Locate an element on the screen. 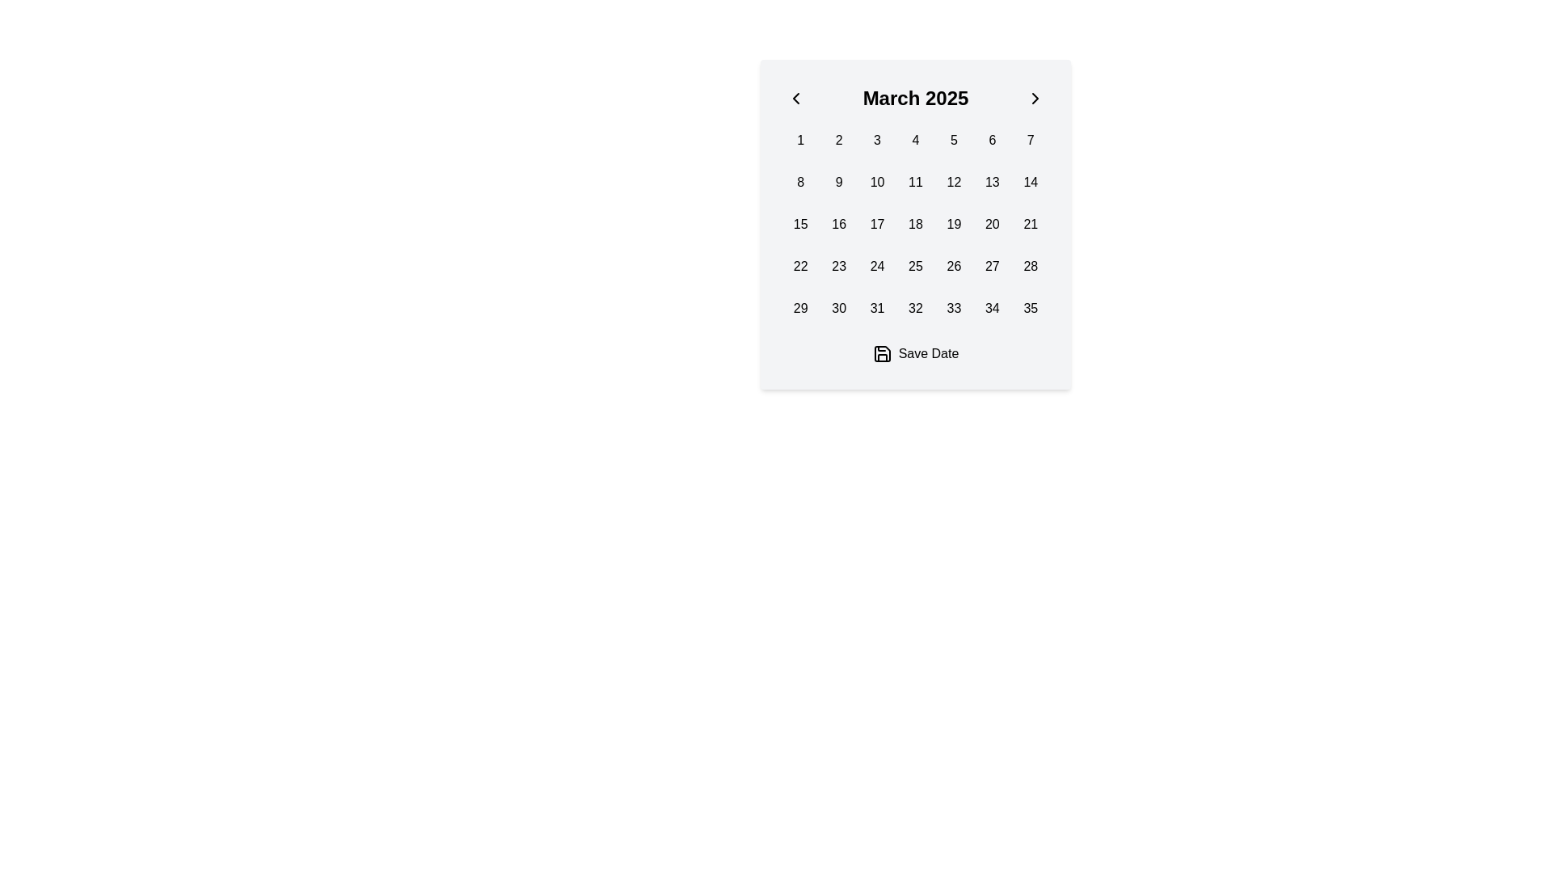 The image size is (1552, 873). the left-pointing chevron icon located in the left side of the header section of the calendar widget is located at coordinates (795, 99).